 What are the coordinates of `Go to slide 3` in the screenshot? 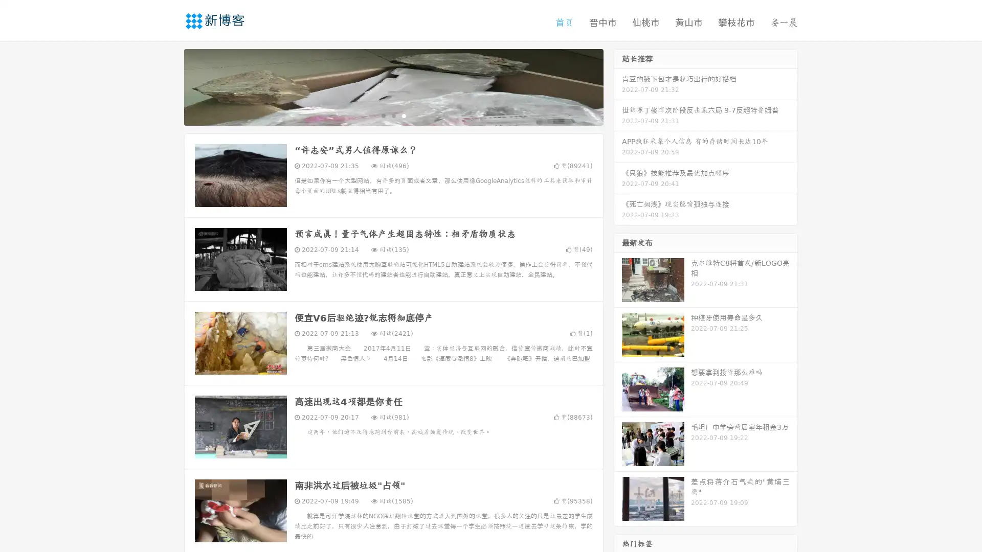 It's located at (404, 115).